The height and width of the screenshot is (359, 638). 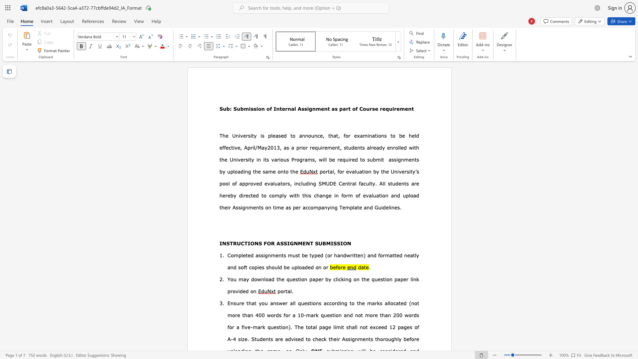 I want to click on the subset text "ing SMUDE Central faculty. All students are hereby directed t" within the text "for evaluation by the University’s pool of approved evaluators, including SMUDE Central faculty. All students are hereby directed to", so click(x=308, y=183).